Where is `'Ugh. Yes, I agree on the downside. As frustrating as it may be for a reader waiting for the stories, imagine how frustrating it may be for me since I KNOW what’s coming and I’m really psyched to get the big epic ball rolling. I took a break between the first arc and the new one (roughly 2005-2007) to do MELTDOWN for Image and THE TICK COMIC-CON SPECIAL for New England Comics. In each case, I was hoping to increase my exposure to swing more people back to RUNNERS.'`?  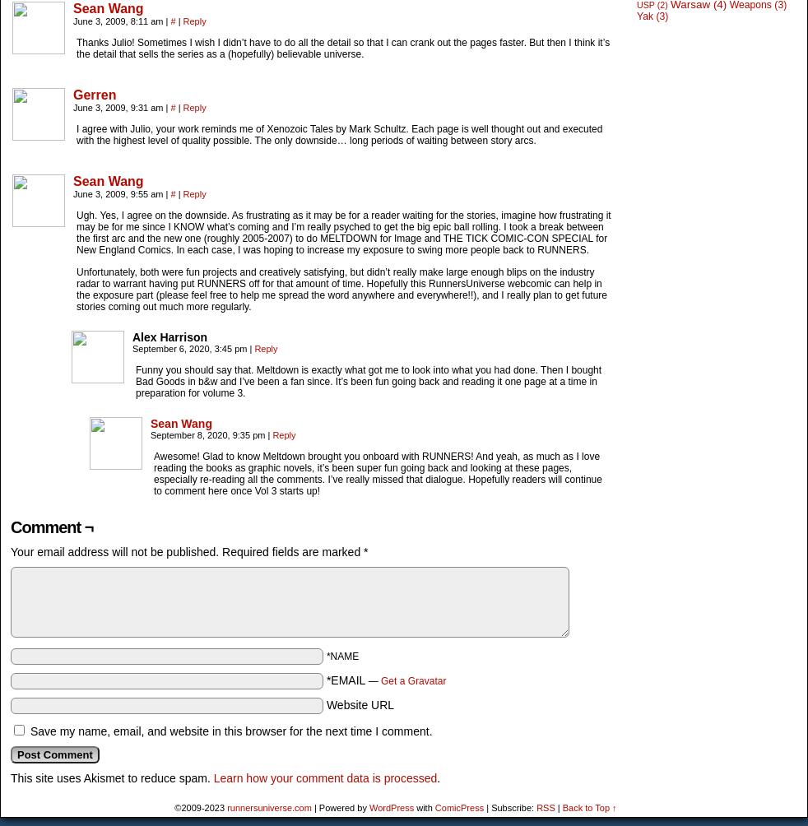
'Ugh. Yes, I agree on the downside. As frustrating as it may be for a reader waiting for the stories, imagine how frustrating it may be for me since I KNOW what’s coming and I’m really psyched to get the big epic ball rolling. I took a break between the first arc and the new one (roughly 2005-2007) to do MELTDOWN for Image and THE TICK COMIC-CON SPECIAL for New England Comics. In each case, I was hoping to increase my exposure to swing more people back to RUNNERS.' is located at coordinates (343, 232).